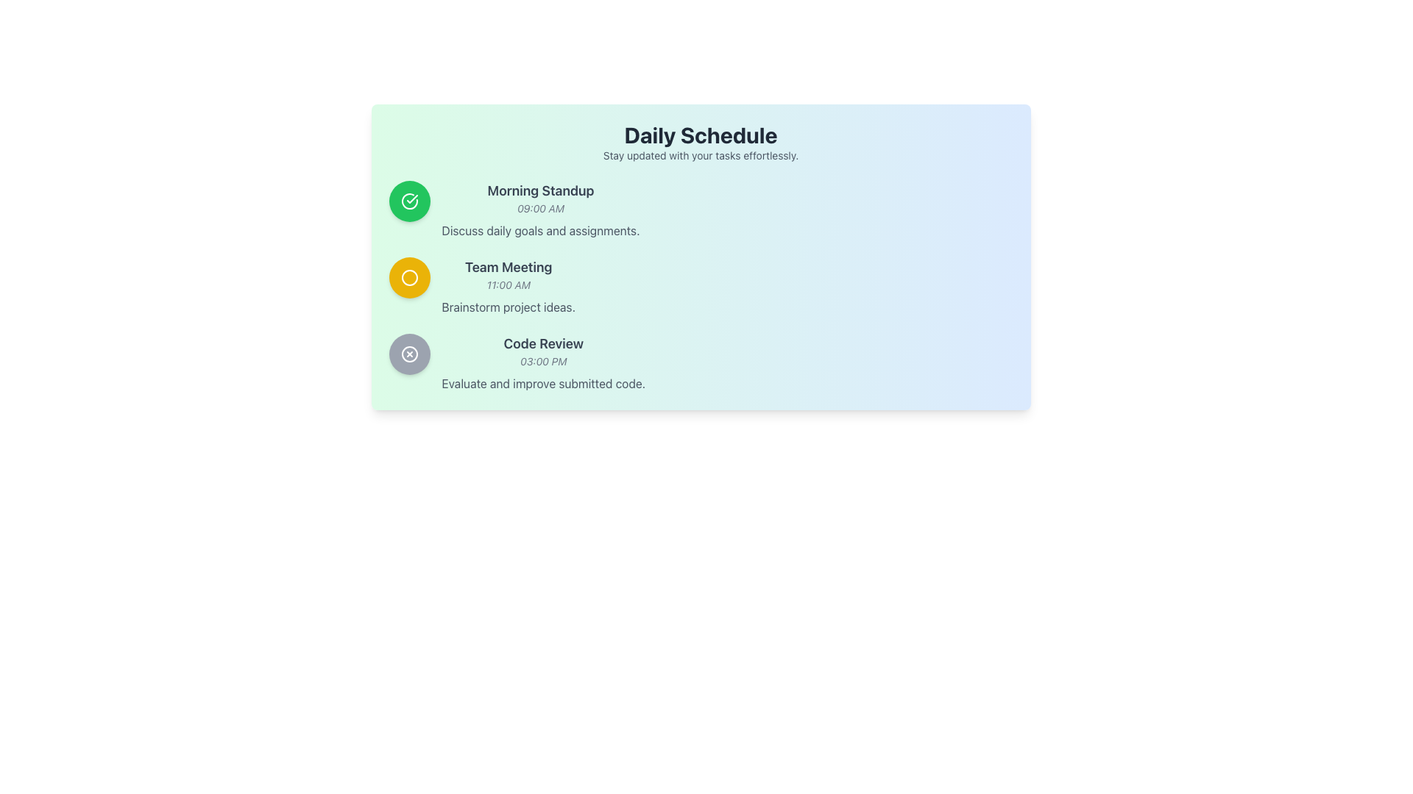 This screenshot has width=1413, height=794. I want to click on the checkmark icon within the green circular background that precedes the 'Morning Standup' list item in the schedule card interface, so click(412, 198).